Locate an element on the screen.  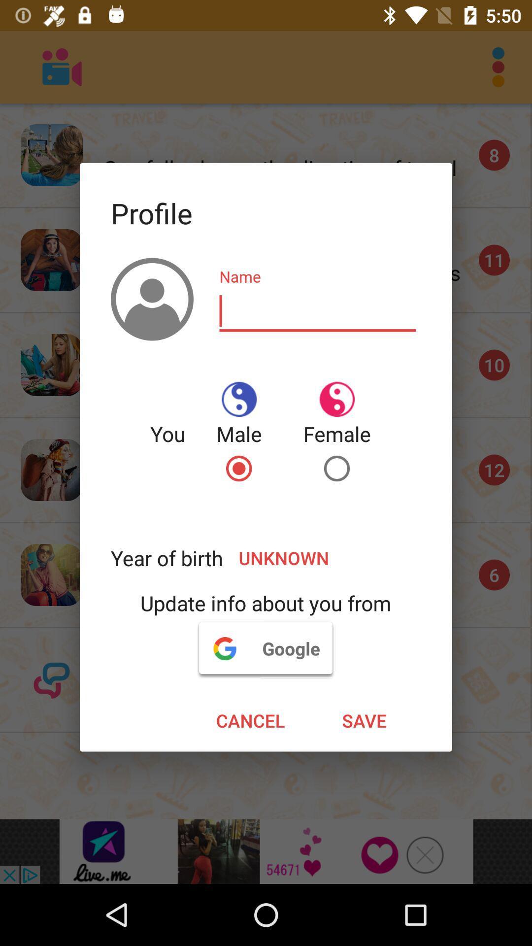
the item next to the save is located at coordinates (250, 720).